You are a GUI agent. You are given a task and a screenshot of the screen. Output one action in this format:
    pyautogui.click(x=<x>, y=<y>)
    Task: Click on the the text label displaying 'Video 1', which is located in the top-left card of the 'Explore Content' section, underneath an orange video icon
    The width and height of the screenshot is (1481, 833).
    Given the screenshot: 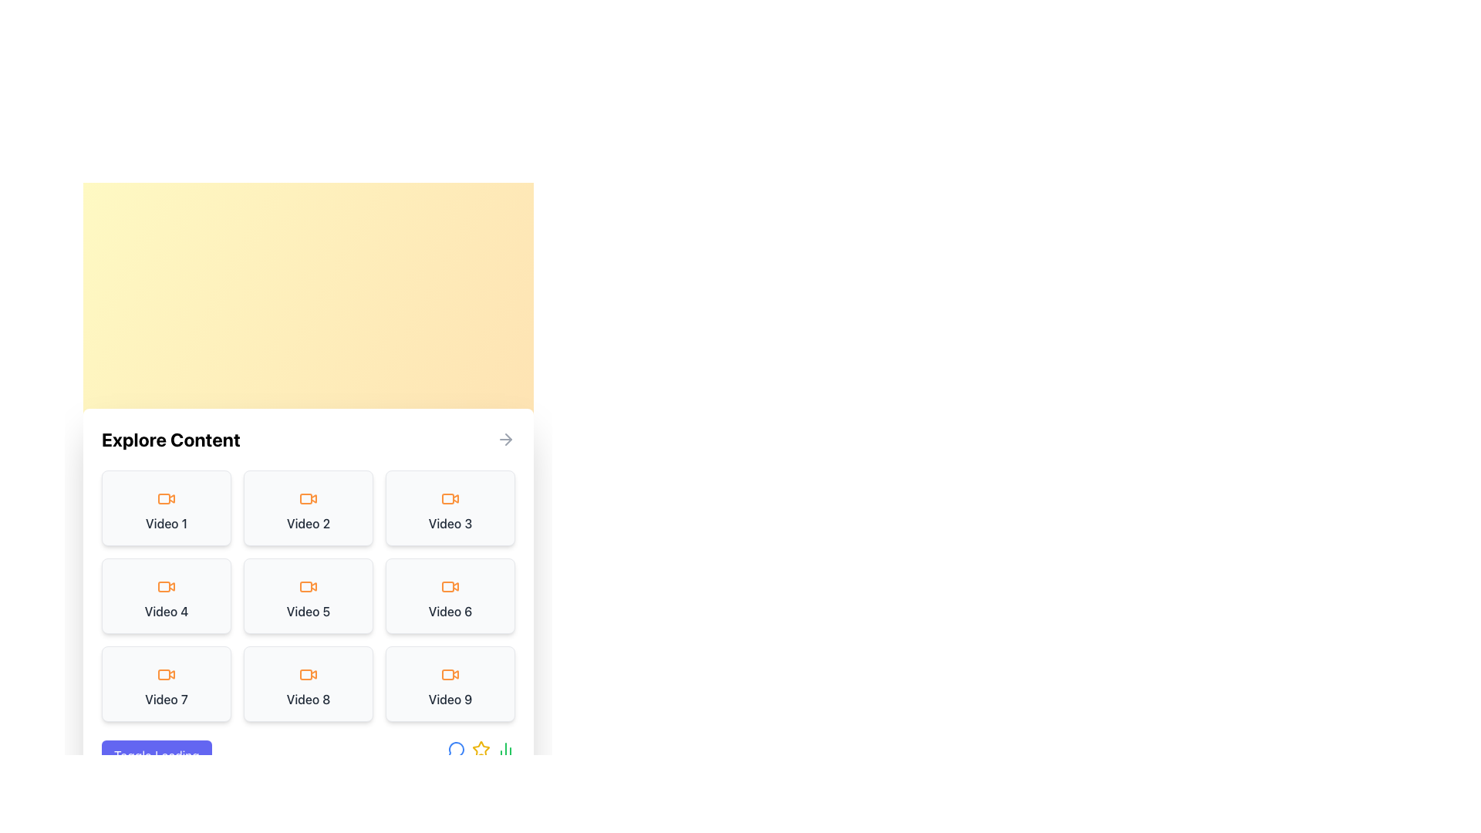 What is the action you would take?
    pyautogui.click(x=167, y=522)
    